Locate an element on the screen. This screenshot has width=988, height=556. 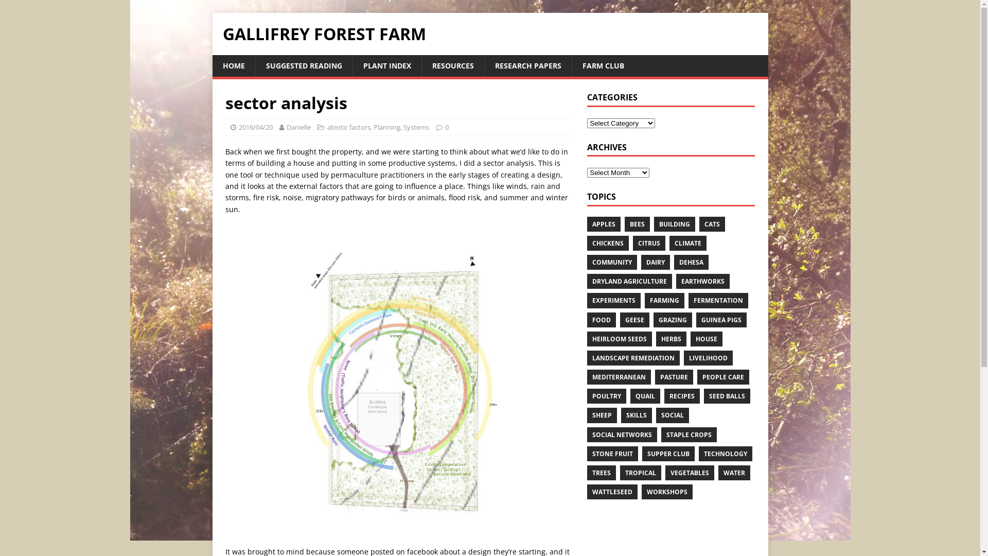
'HOME' is located at coordinates (233, 65).